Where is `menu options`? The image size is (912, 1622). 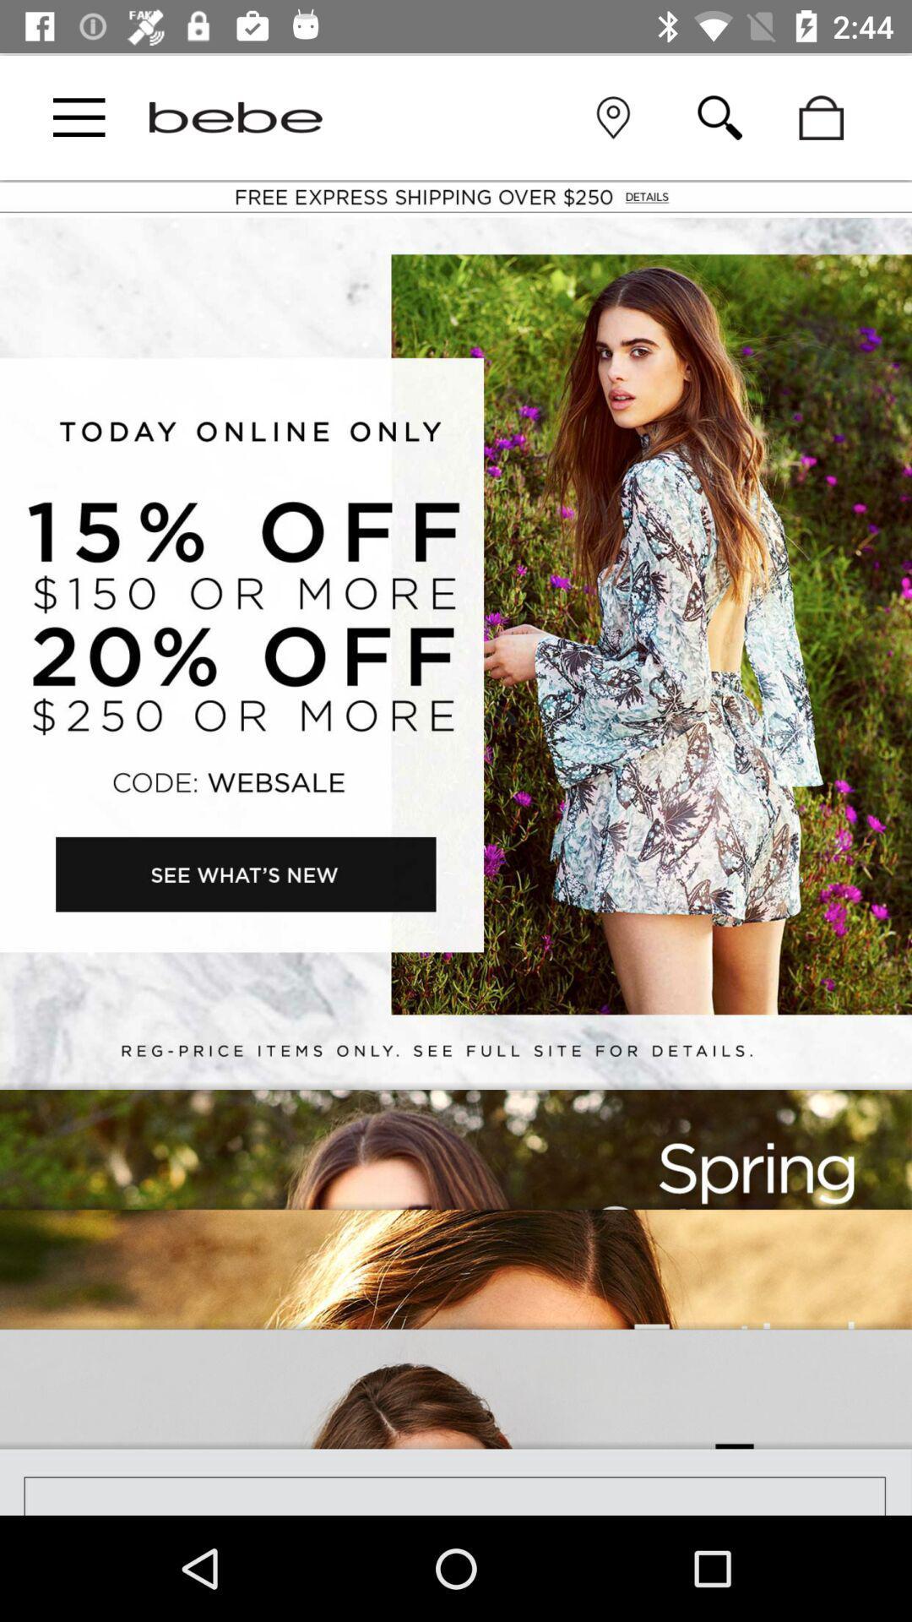 menu options is located at coordinates (79, 117).